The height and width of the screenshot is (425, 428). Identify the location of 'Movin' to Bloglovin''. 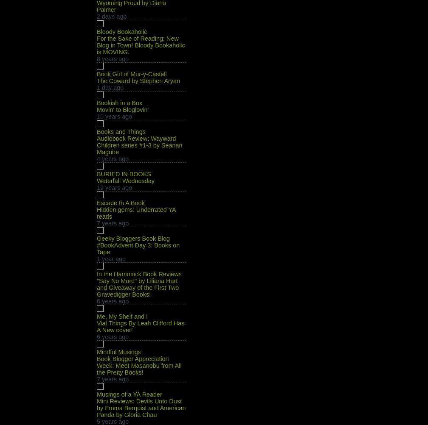
(122, 109).